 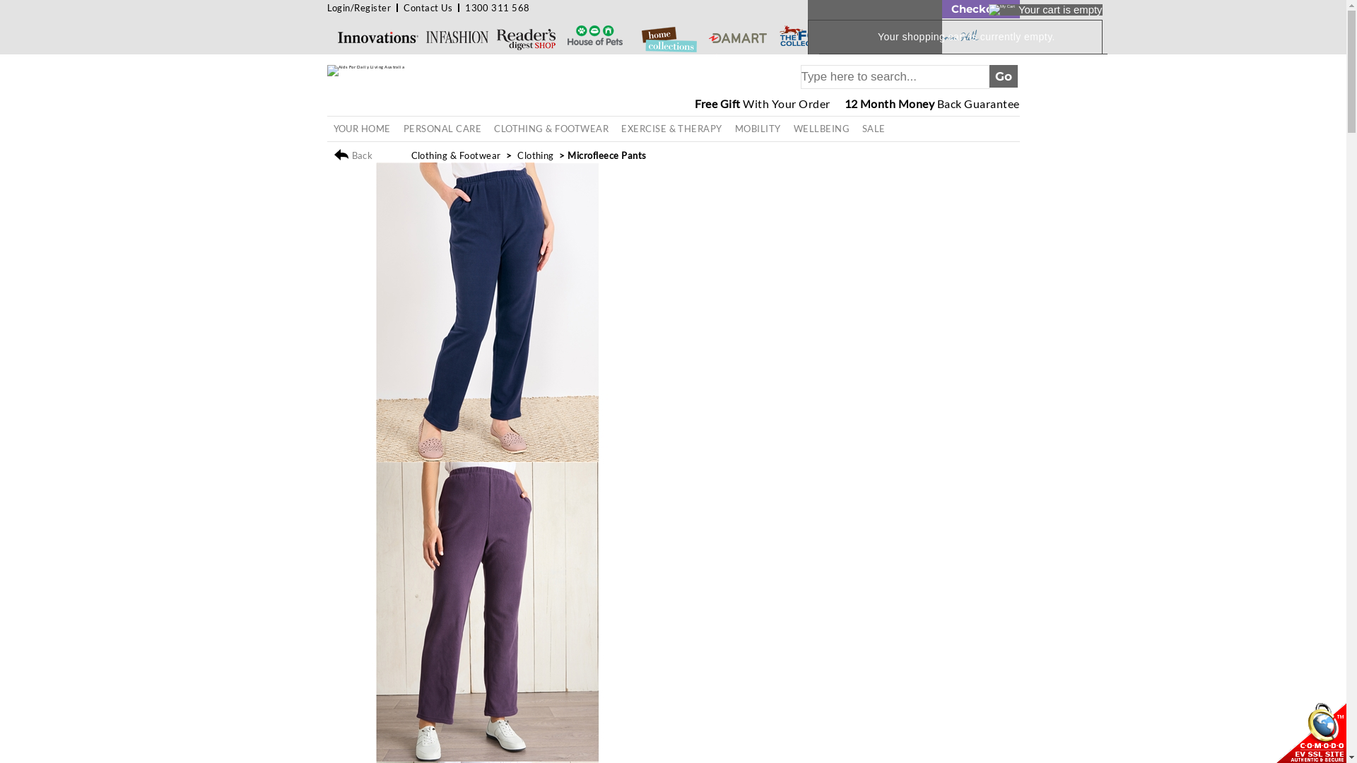 I want to click on 'Checkout >', so click(x=980, y=8).